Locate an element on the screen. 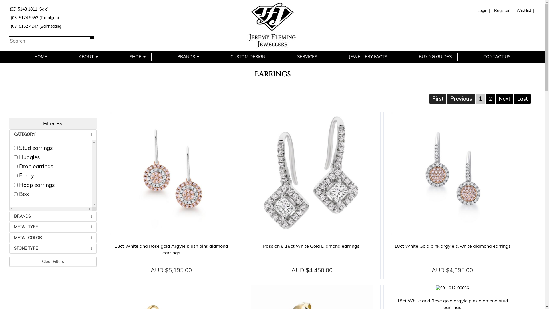 Image resolution: width=549 pixels, height=309 pixels. 'METAL TYPE' is located at coordinates (53, 227).